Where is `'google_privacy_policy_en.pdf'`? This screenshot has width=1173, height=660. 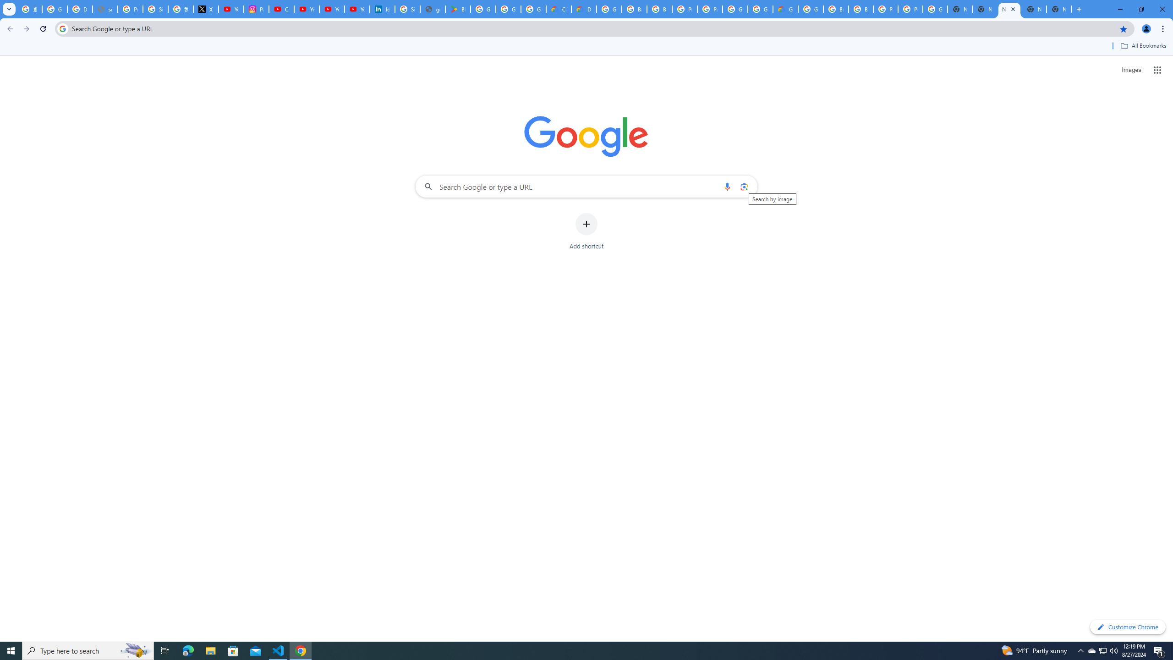 'google_privacy_policy_en.pdf' is located at coordinates (432, 9).